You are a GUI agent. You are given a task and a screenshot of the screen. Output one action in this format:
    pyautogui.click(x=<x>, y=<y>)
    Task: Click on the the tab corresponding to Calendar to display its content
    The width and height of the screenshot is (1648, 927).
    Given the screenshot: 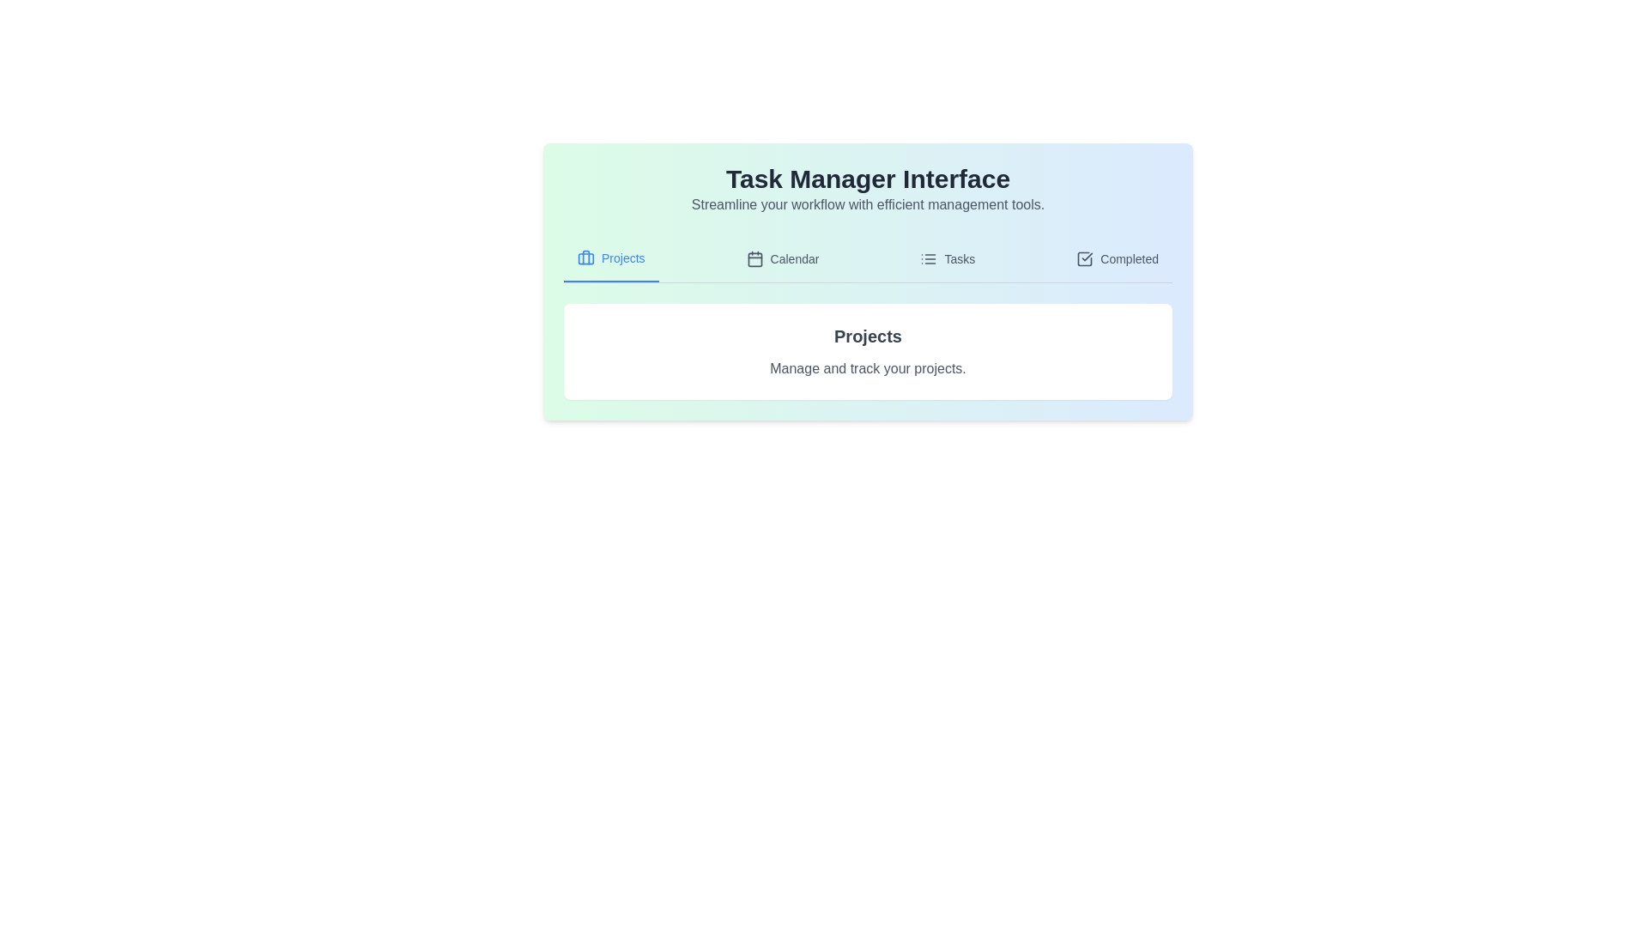 What is the action you would take?
    pyautogui.click(x=782, y=258)
    